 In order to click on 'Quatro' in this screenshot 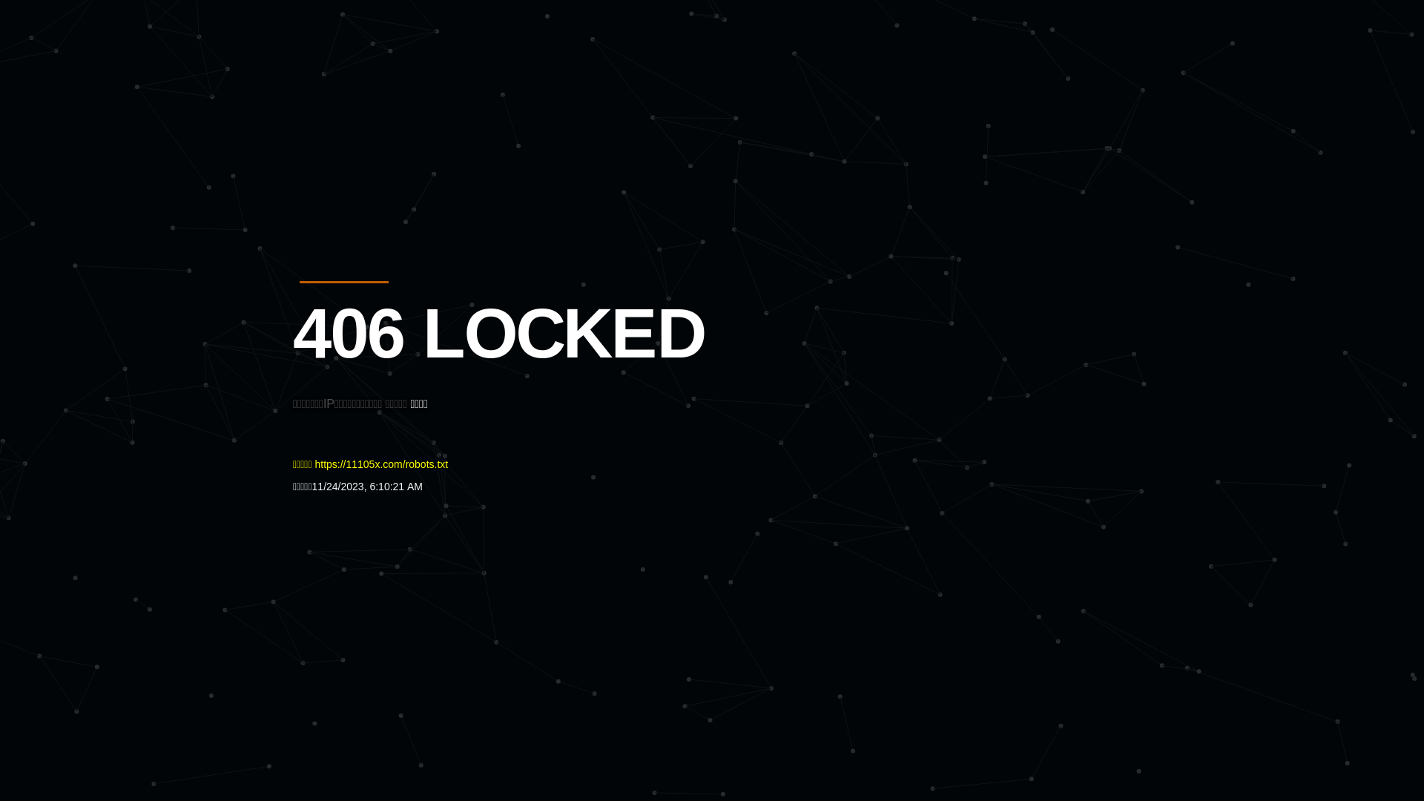, I will do `click(402, 85)`.